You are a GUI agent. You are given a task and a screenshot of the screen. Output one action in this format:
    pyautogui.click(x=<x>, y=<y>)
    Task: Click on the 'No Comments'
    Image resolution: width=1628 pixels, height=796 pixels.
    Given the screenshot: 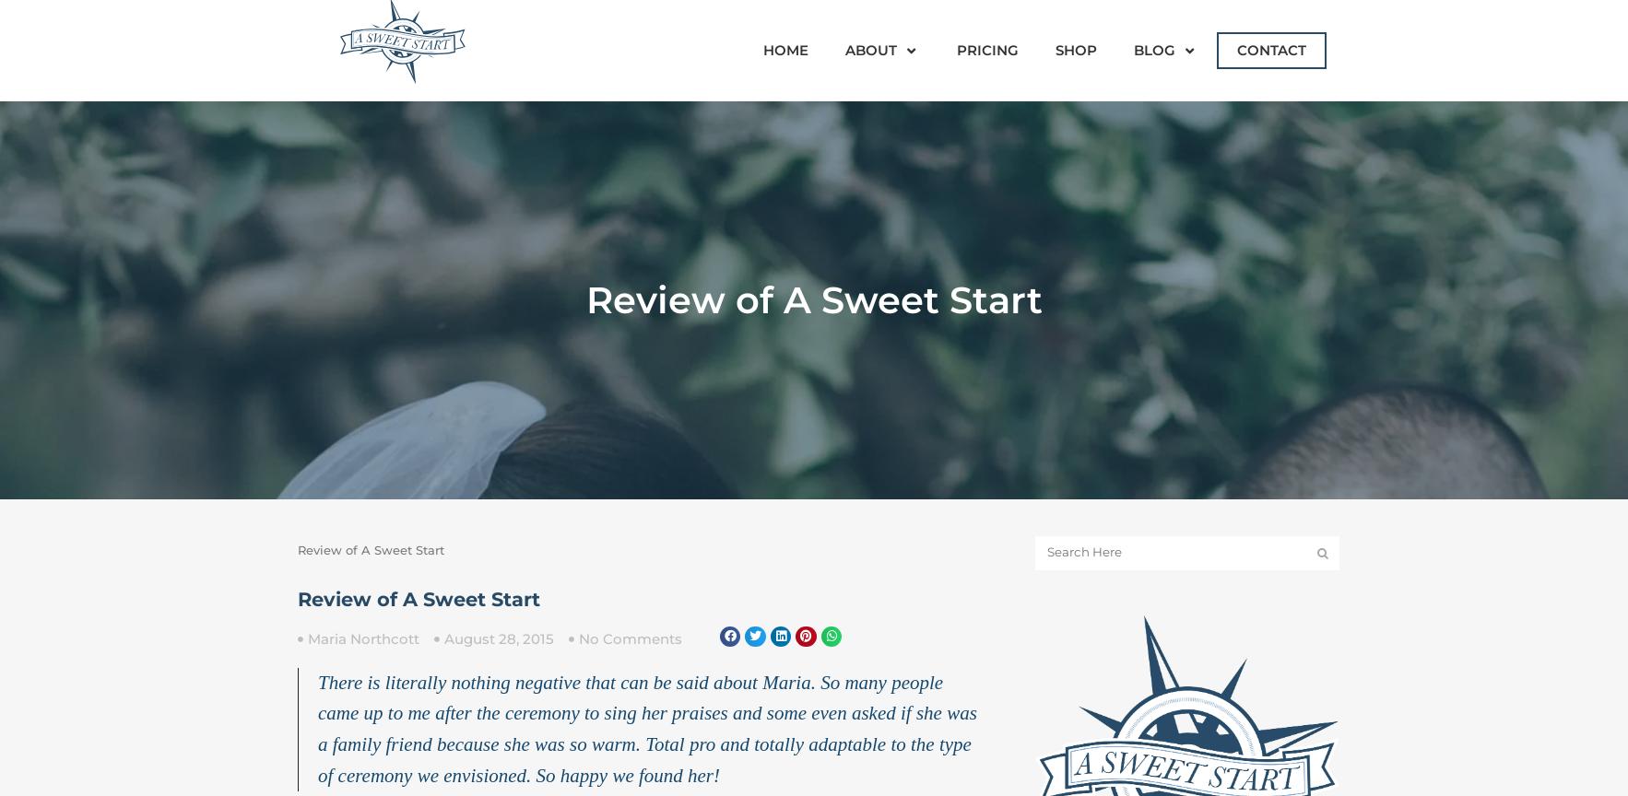 What is the action you would take?
    pyautogui.click(x=630, y=638)
    